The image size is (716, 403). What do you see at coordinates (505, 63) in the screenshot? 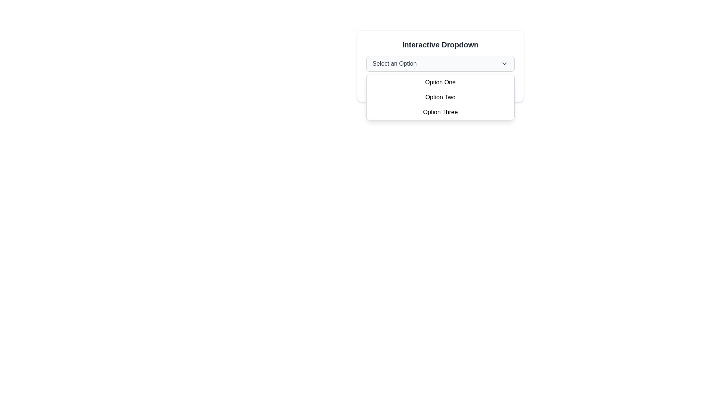
I see `the icon button located to the far right of the 'Select an Option' dropdown` at bounding box center [505, 63].